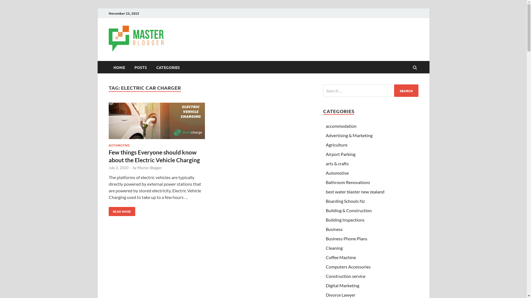 The height and width of the screenshot is (298, 531). What do you see at coordinates (345, 276) in the screenshot?
I see `'Construction service'` at bounding box center [345, 276].